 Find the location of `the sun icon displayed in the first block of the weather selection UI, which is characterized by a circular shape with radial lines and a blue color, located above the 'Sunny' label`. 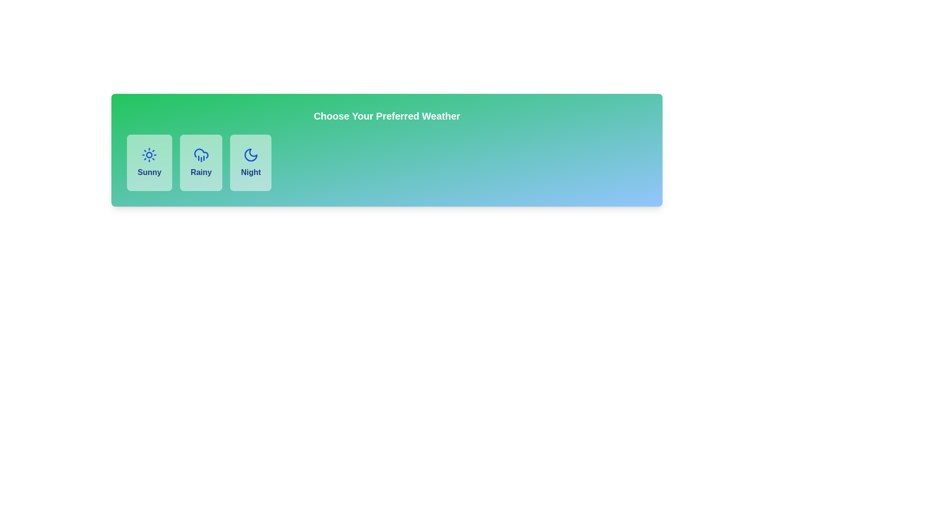

the sun icon displayed in the first block of the weather selection UI, which is characterized by a circular shape with radial lines and a blue color, located above the 'Sunny' label is located at coordinates (149, 155).